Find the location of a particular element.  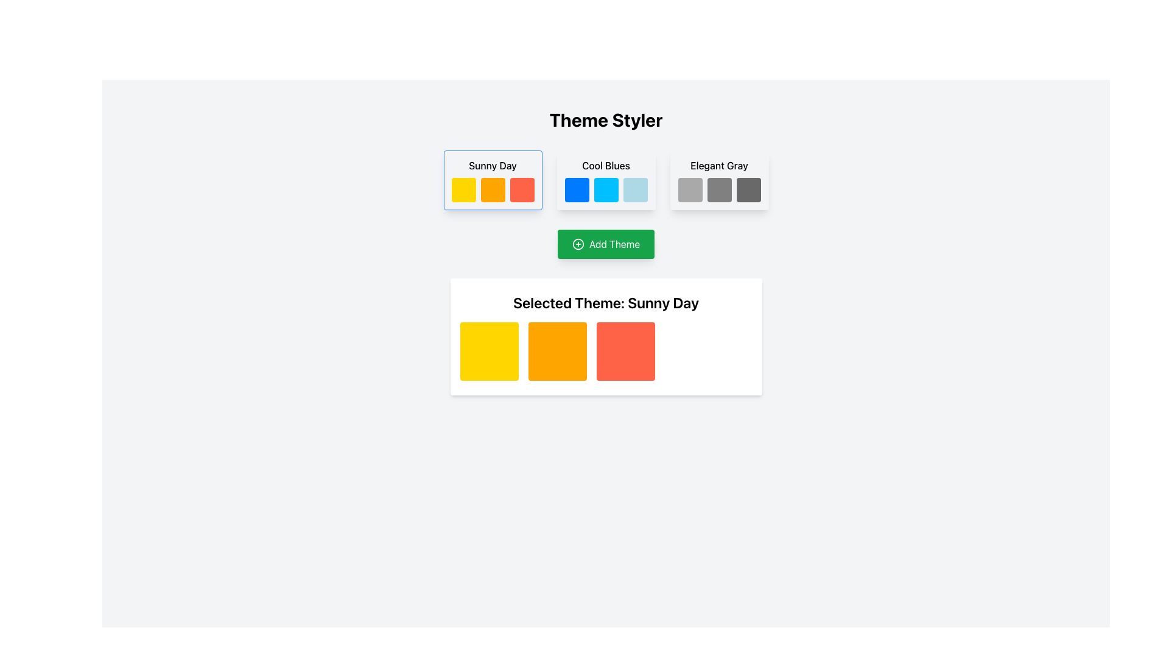

the first clickable tile in the 'Cool Blues' theme group is located at coordinates (576, 190).